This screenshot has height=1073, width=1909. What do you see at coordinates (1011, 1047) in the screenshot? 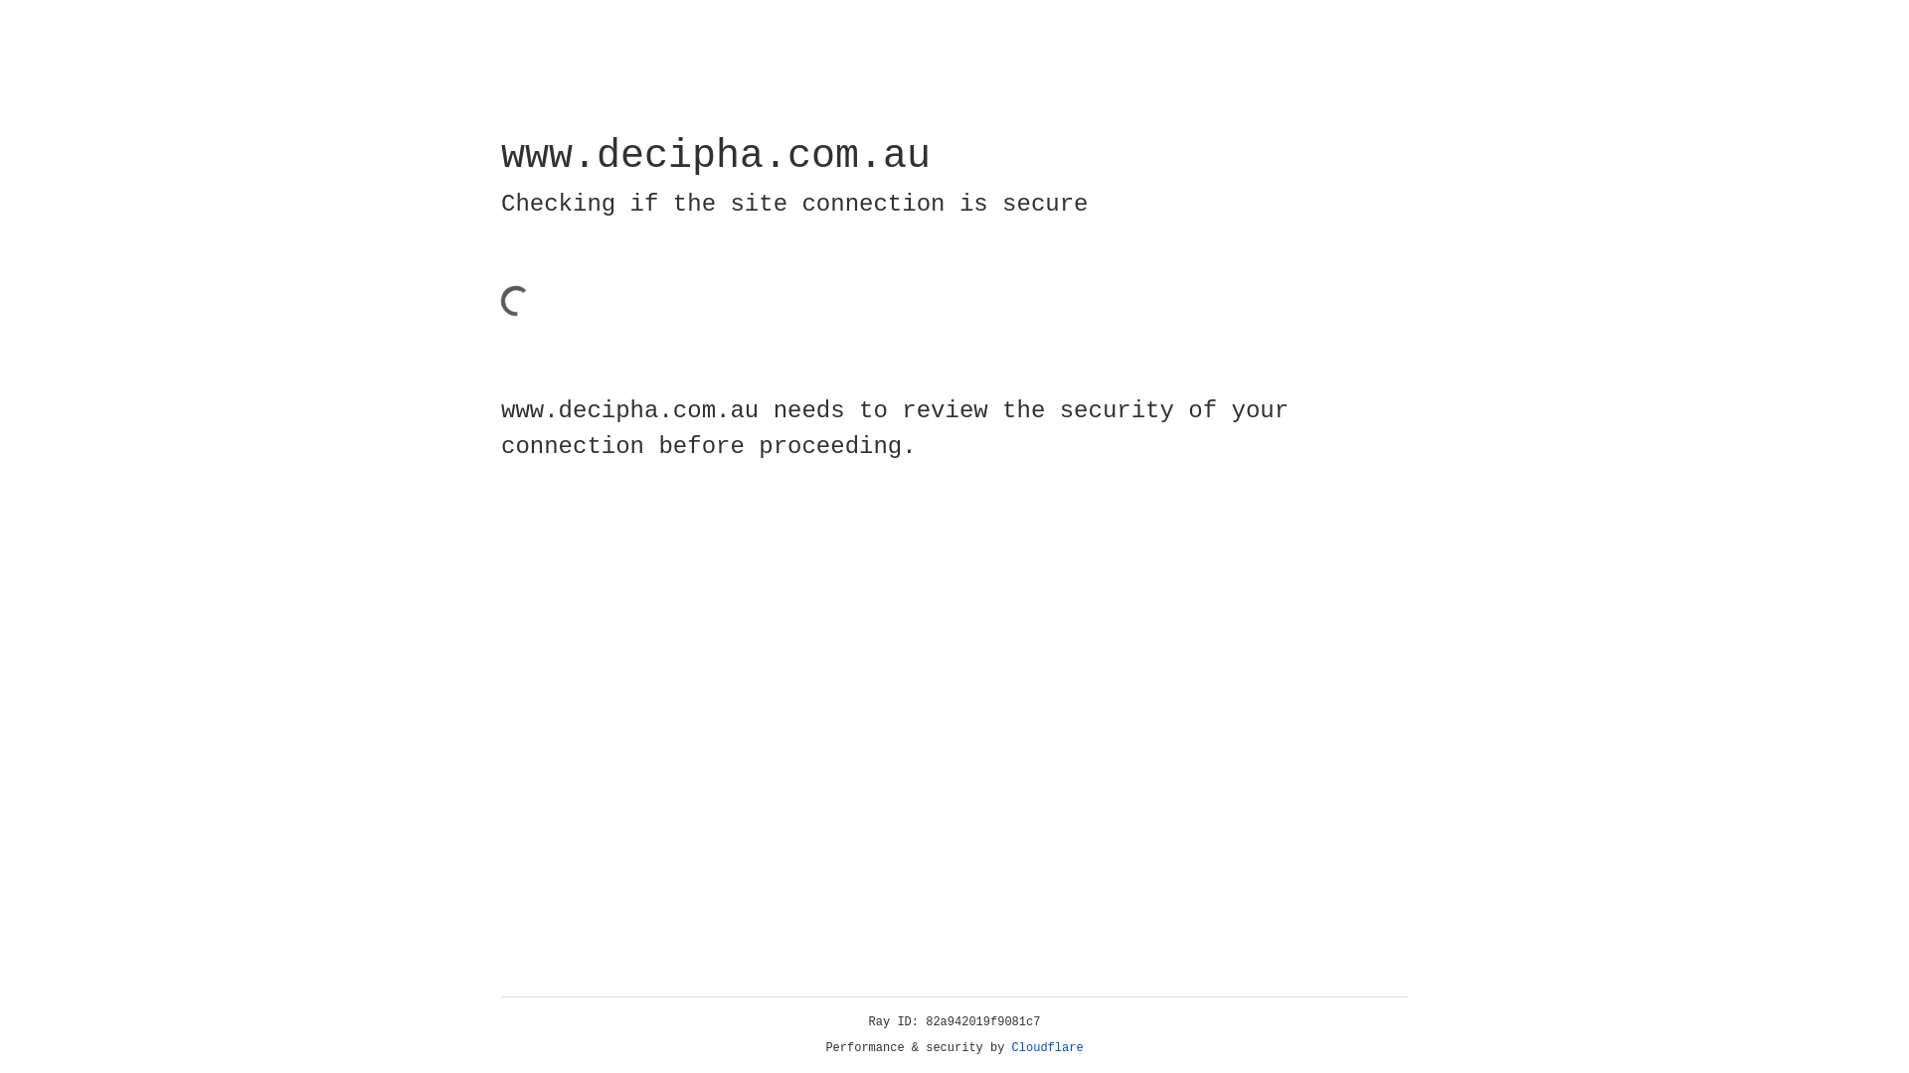
I see `'Cloudflare'` at bounding box center [1011, 1047].